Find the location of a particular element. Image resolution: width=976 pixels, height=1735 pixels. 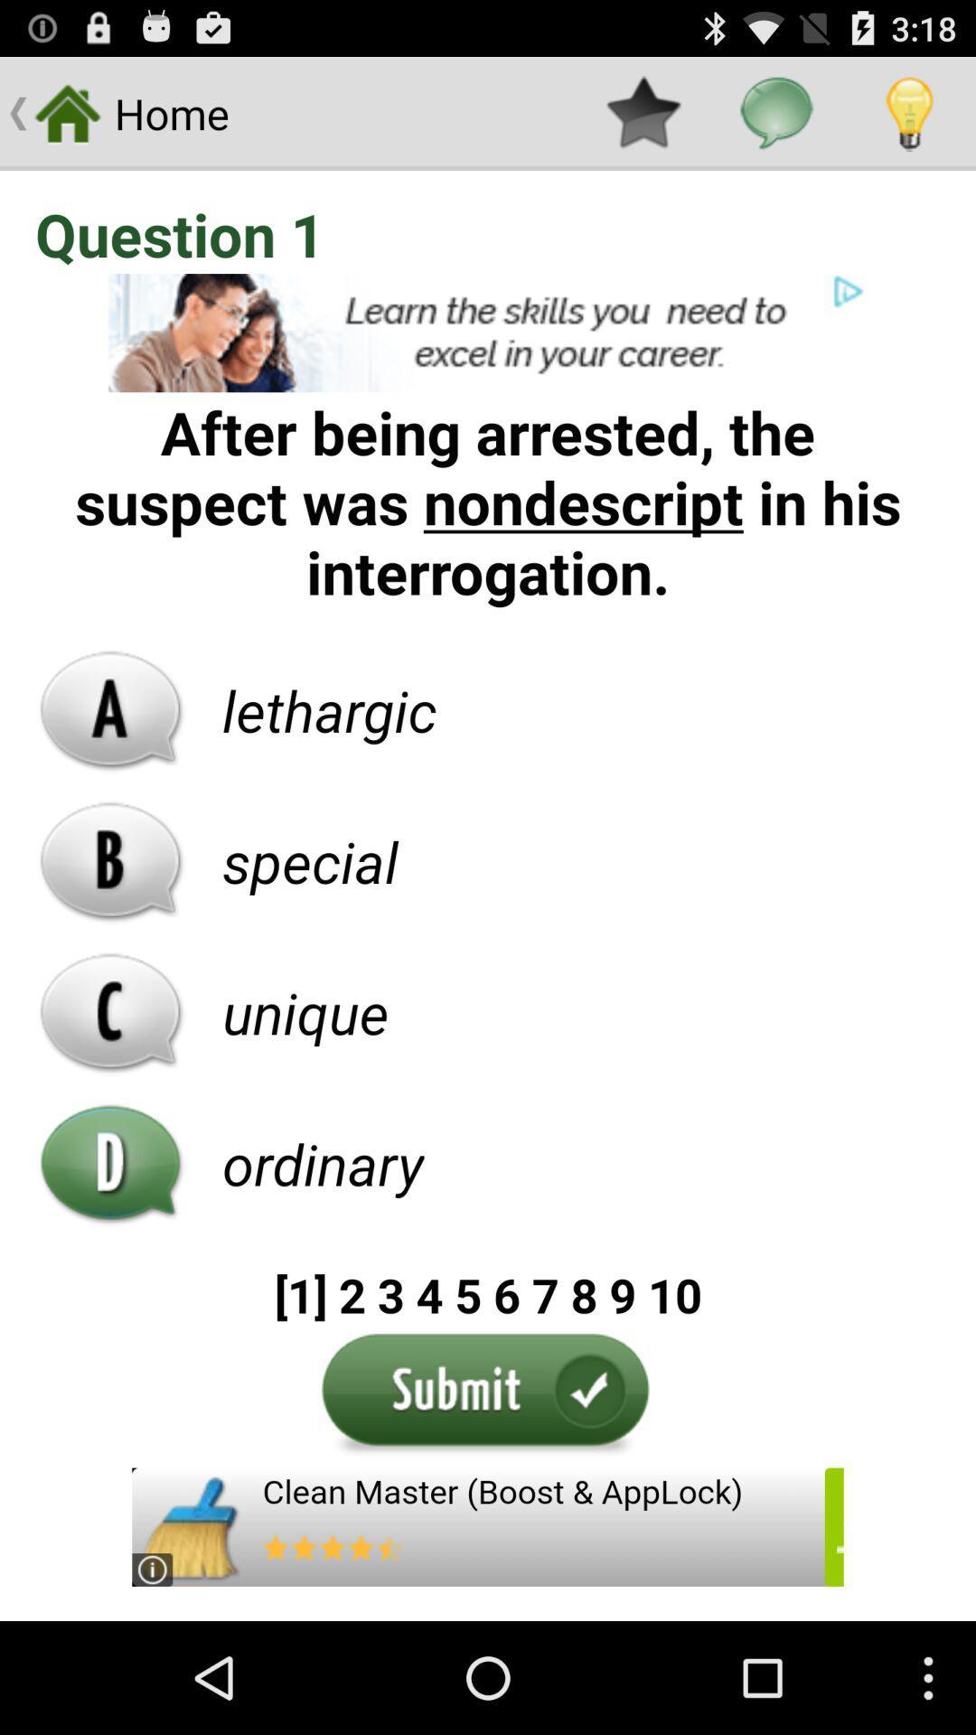

advertisement for clean master is located at coordinates (488, 1526).